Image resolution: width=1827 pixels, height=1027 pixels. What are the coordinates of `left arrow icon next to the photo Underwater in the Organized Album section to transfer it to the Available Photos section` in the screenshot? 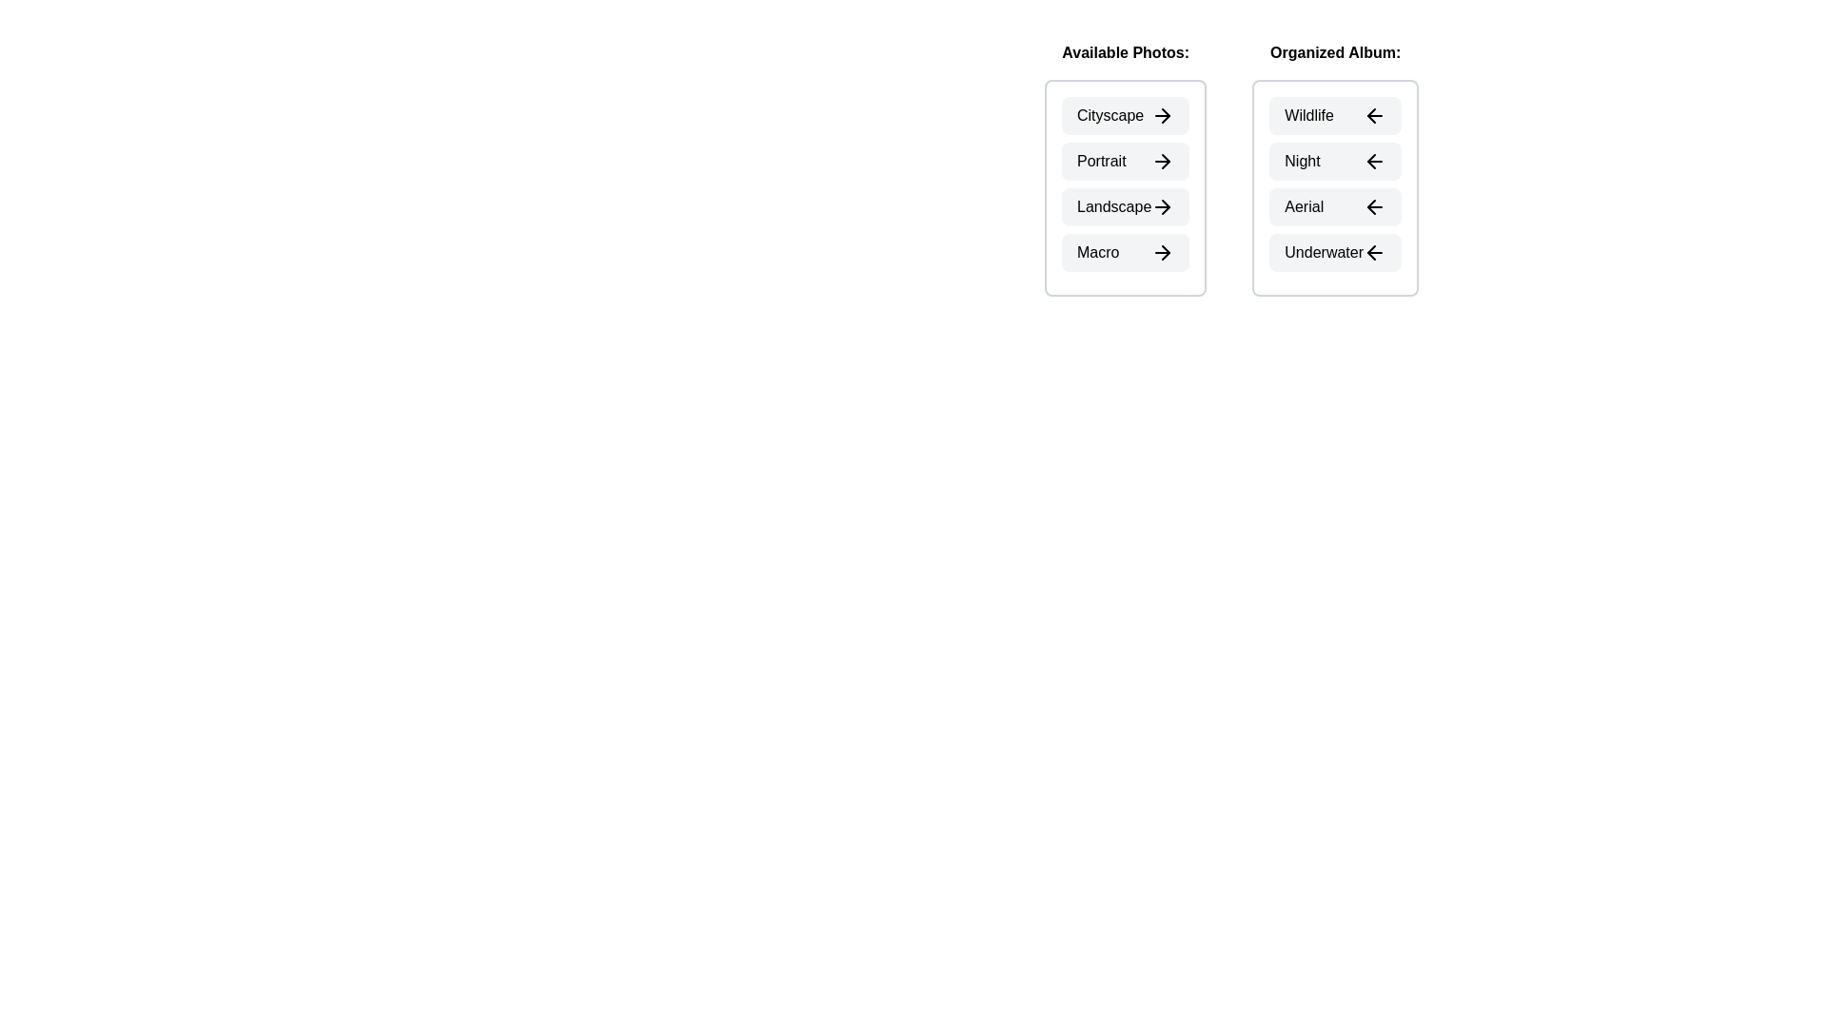 It's located at (1374, 252).